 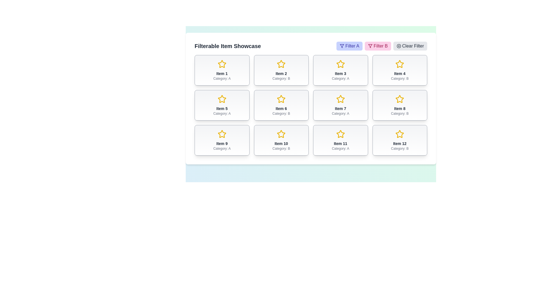 What do you see at coordinates (400, 98) in the screenshot?
I see `the star icon located in the fourth row and second column of the grid layout in the card labeled 'Item 8' to rate it` at bounding box center [400, 98].